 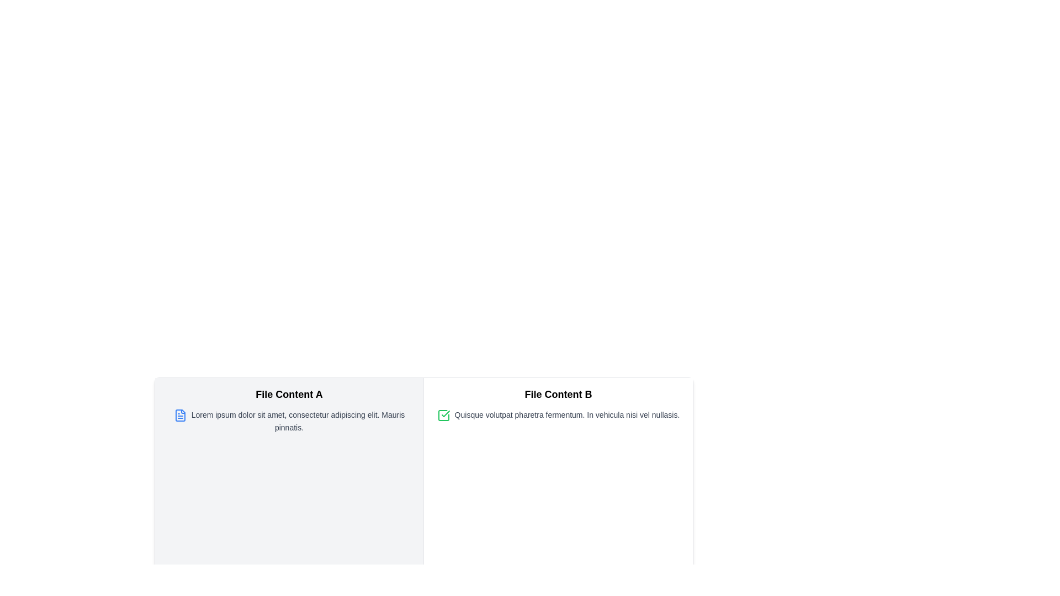 What do you see at coordinates (558, 415) in the screenshot?
I see `the Text block containing the content 'Quisque volutpat pharetra fermentum. In vehicula nisi vel nullasis.' with a green checkmark icon on its left, located within the 'File Content B' block` at bounding box center [558, 415].